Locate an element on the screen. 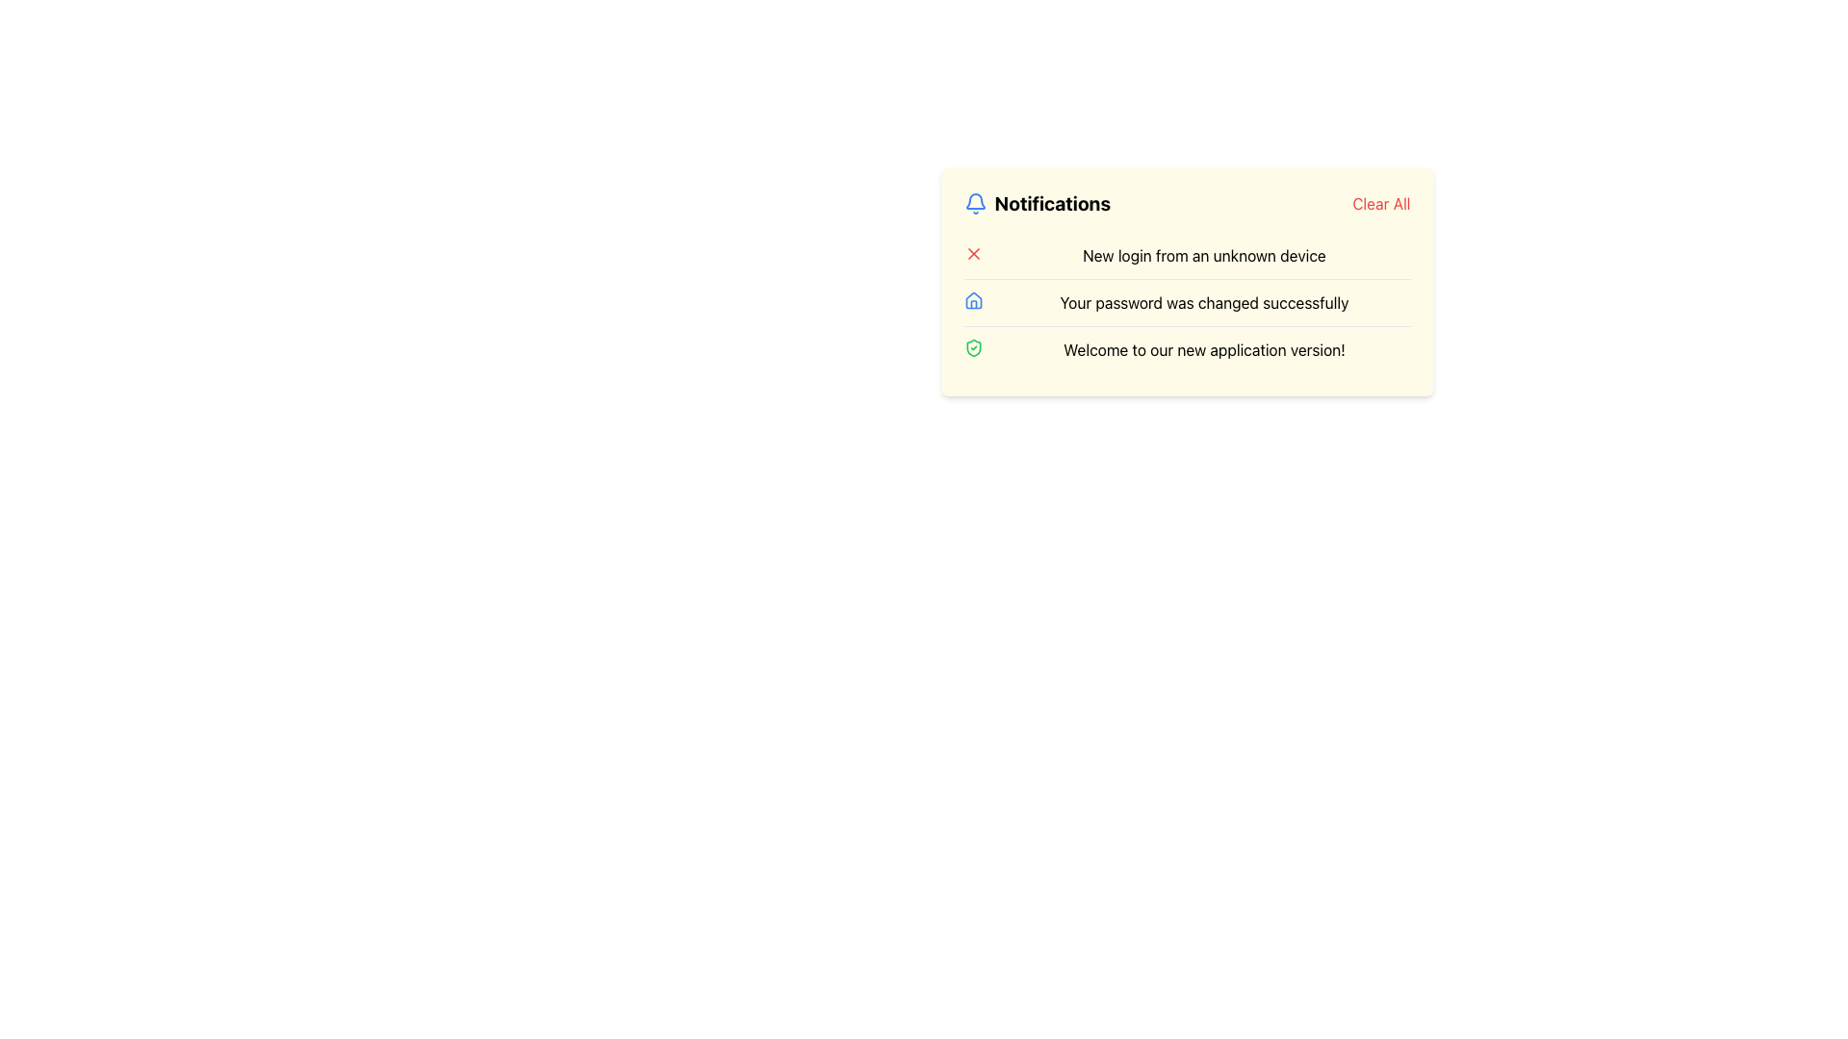 The height and width of the screenshot is (1039, 1848). the green outlined shield icon with a checkmark that indicates a positive state, located next to the password change notification message is located at coordinates (973, 348).